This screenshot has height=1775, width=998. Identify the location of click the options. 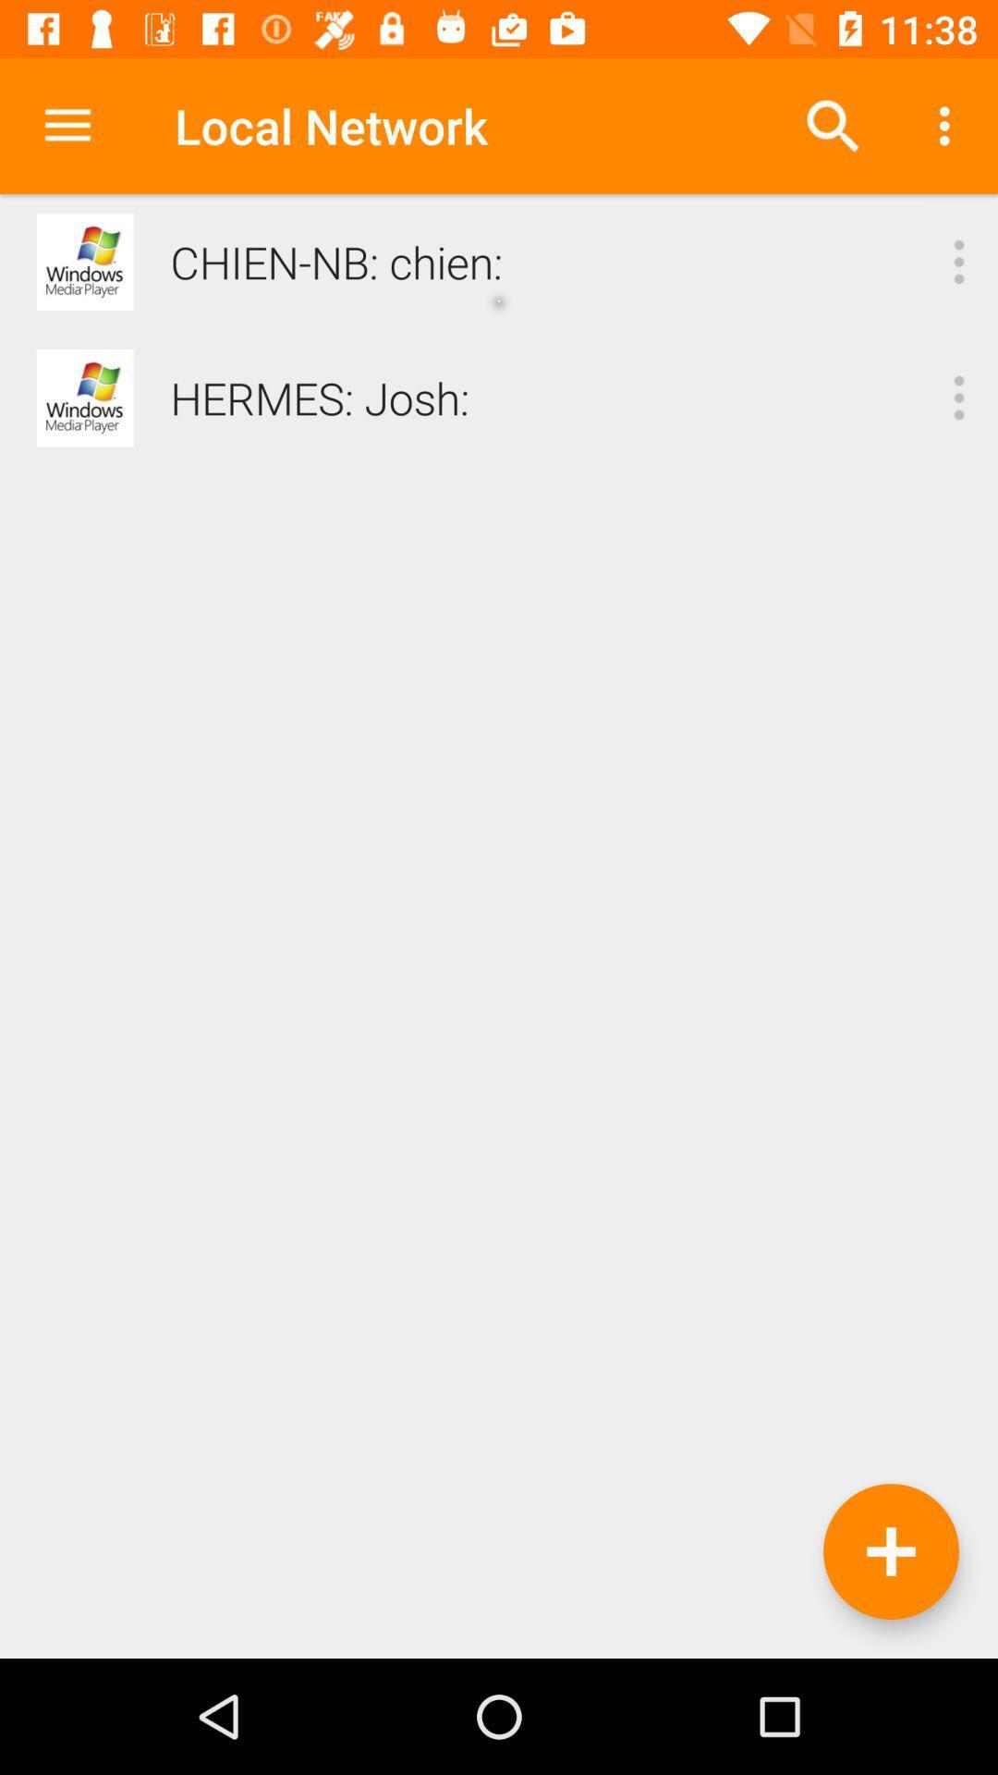
(957, 261).